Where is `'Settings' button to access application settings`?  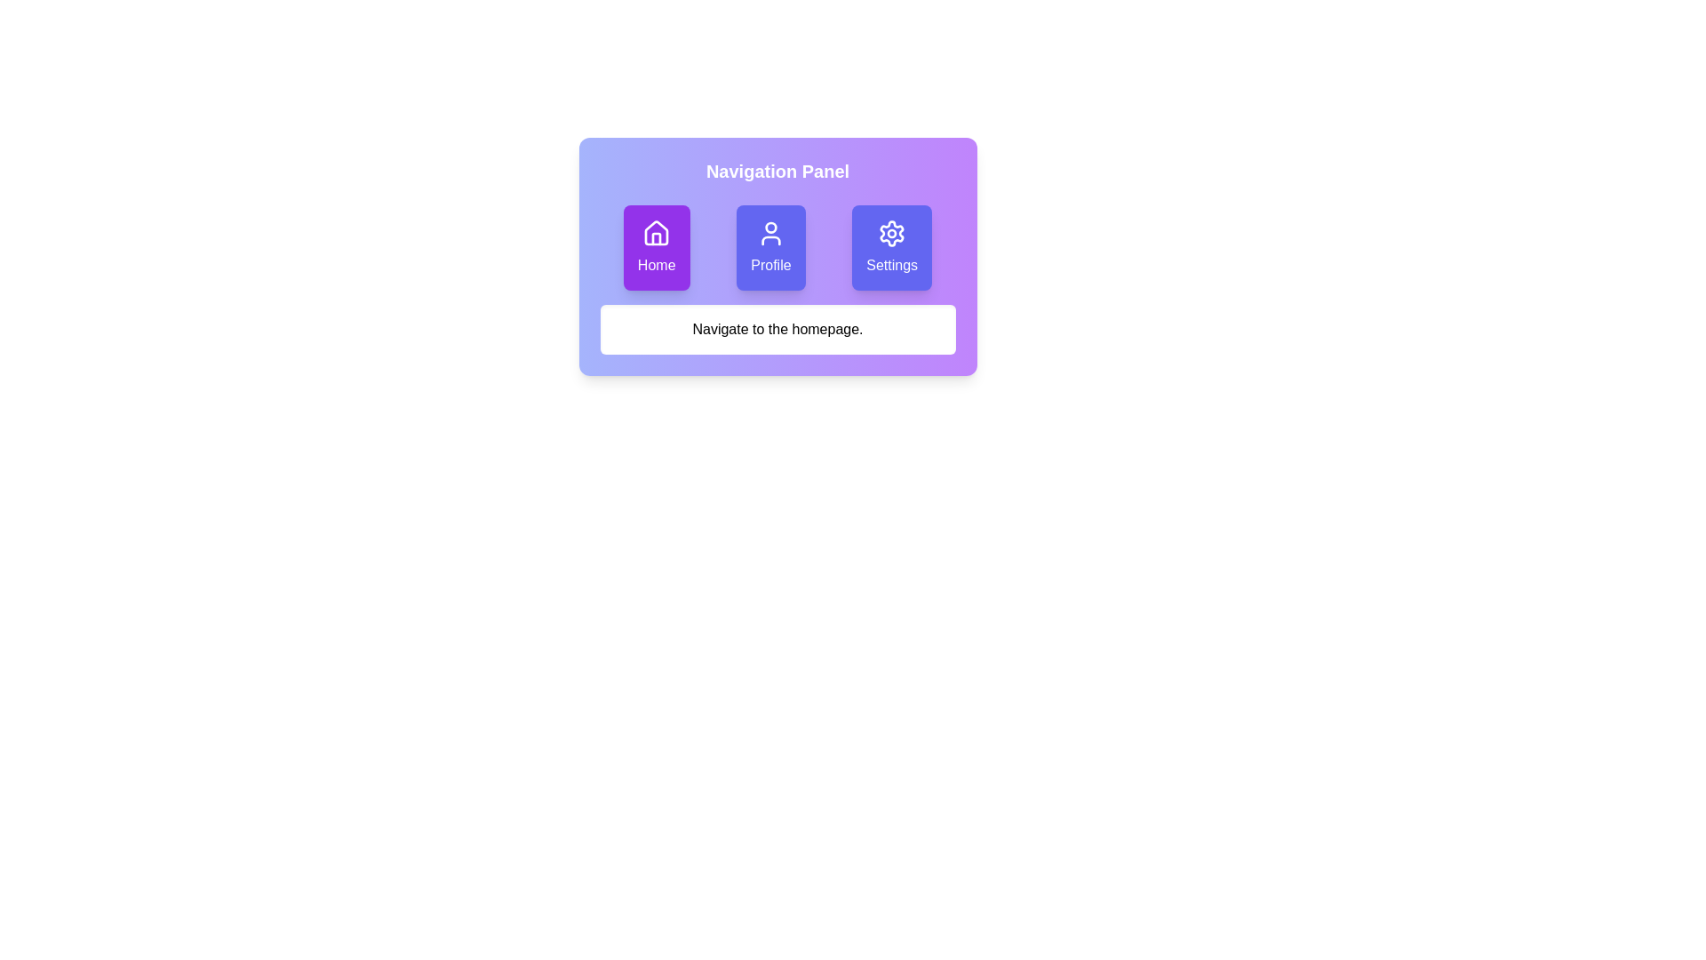 'Settings' button to access application settings is located at coordinates (891, 247).